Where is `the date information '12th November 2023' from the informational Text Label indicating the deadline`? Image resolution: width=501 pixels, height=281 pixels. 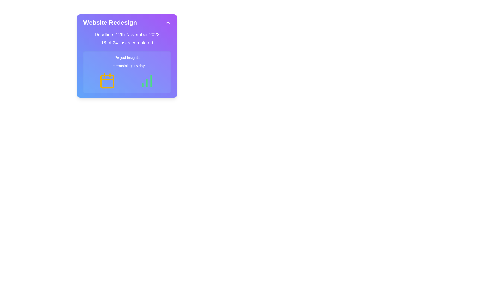
the date information '12th November 2023' from the informational Text Label indicating the deadline is located at coordinates (138, 34).